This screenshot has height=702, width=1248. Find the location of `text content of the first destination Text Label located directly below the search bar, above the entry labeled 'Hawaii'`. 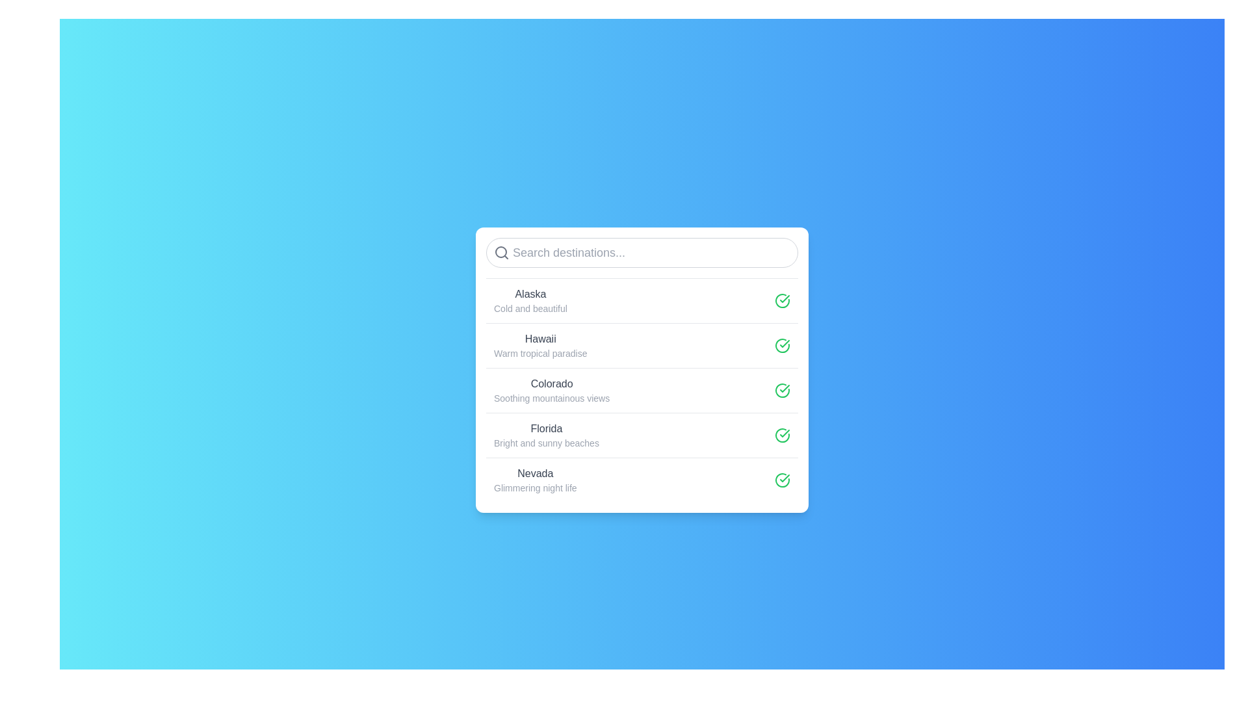

text content of the first destination Text Label located directly below the search bar, above the entry labeled 'Hawaii' is located at coordinates (530, 294).